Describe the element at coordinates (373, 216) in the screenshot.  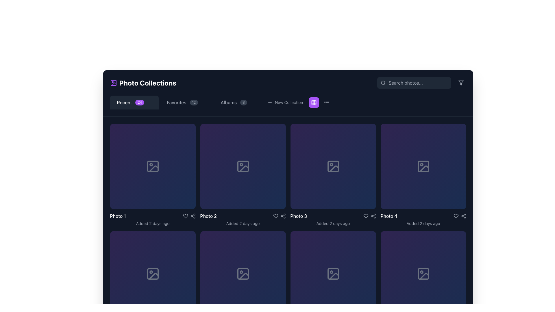
I see `the share icon button, which resembles a share symbol with three dots connected by lines, located in the bottom-right corner of the fourth image card` at that location.